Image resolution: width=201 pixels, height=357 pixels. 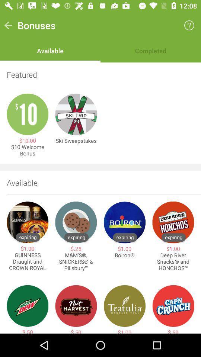 I want to click on icon next to guinness draught and icon, so click(x=76, y=262).